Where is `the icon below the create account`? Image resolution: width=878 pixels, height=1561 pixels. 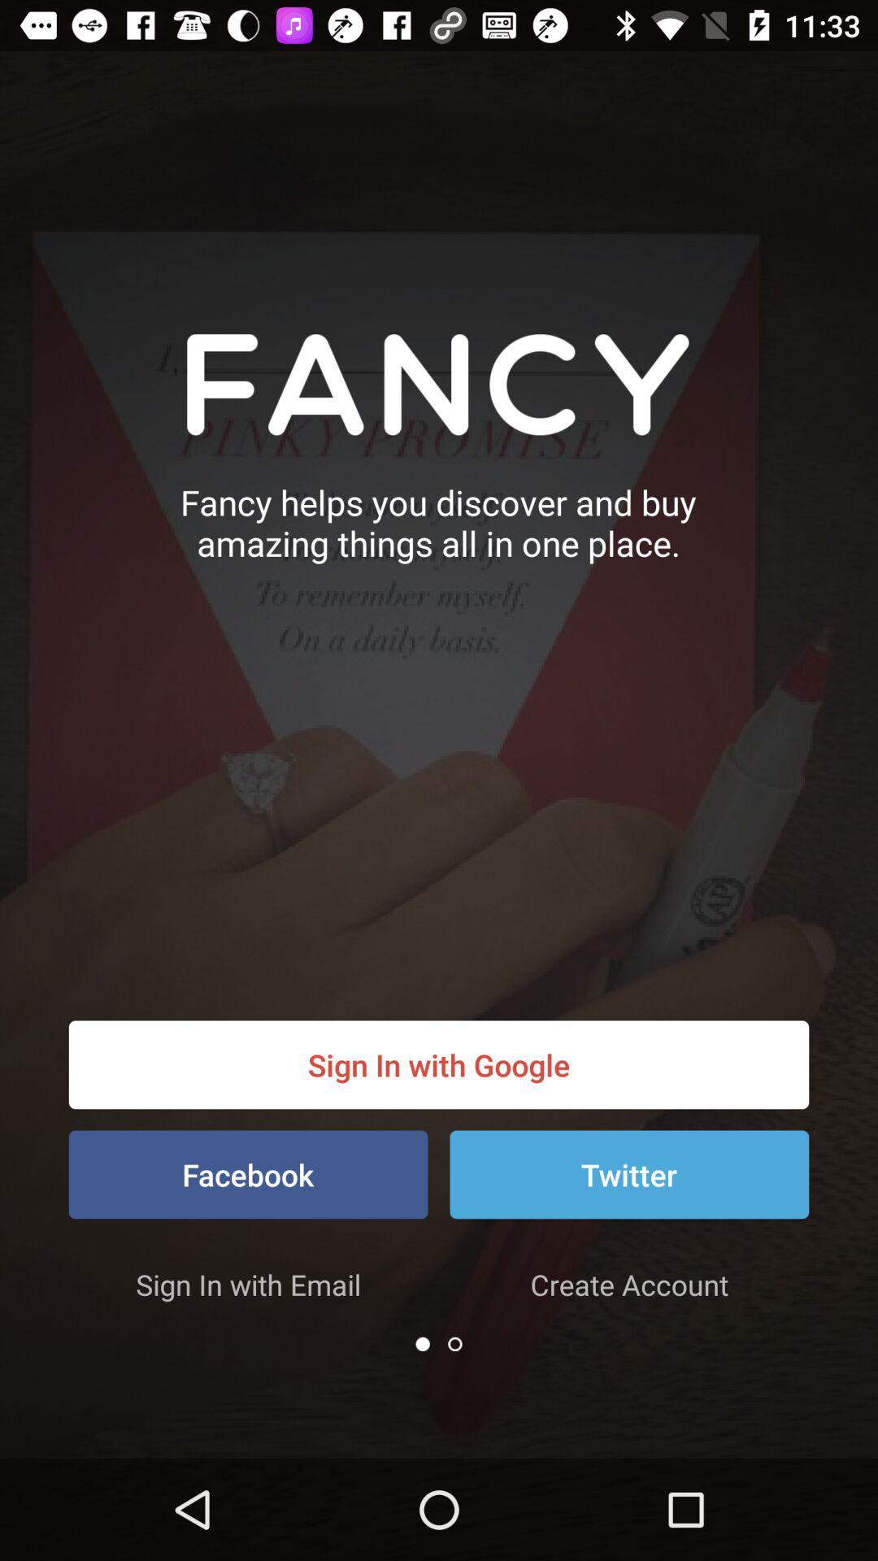
the icon below the create account is located at coordinates (454, 1344).